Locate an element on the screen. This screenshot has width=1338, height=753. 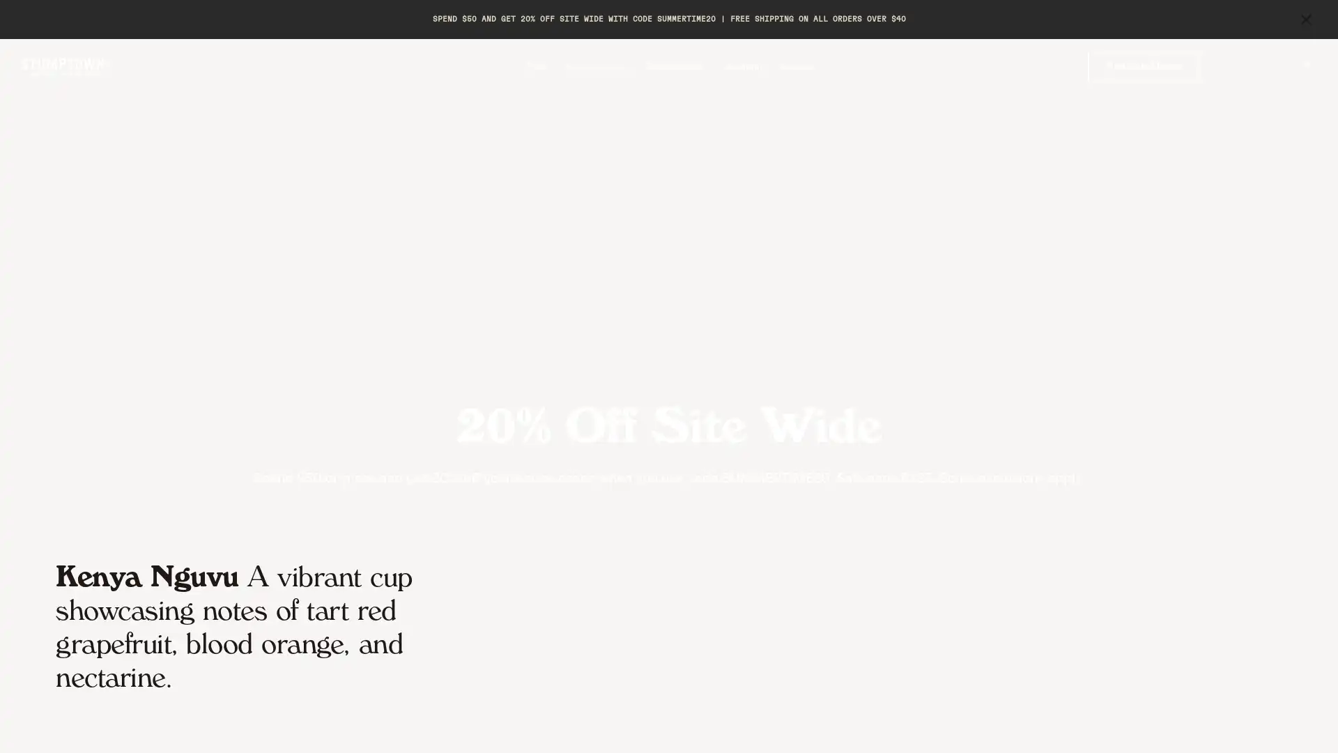
Next Slide is located at coordinates (1302, 724).